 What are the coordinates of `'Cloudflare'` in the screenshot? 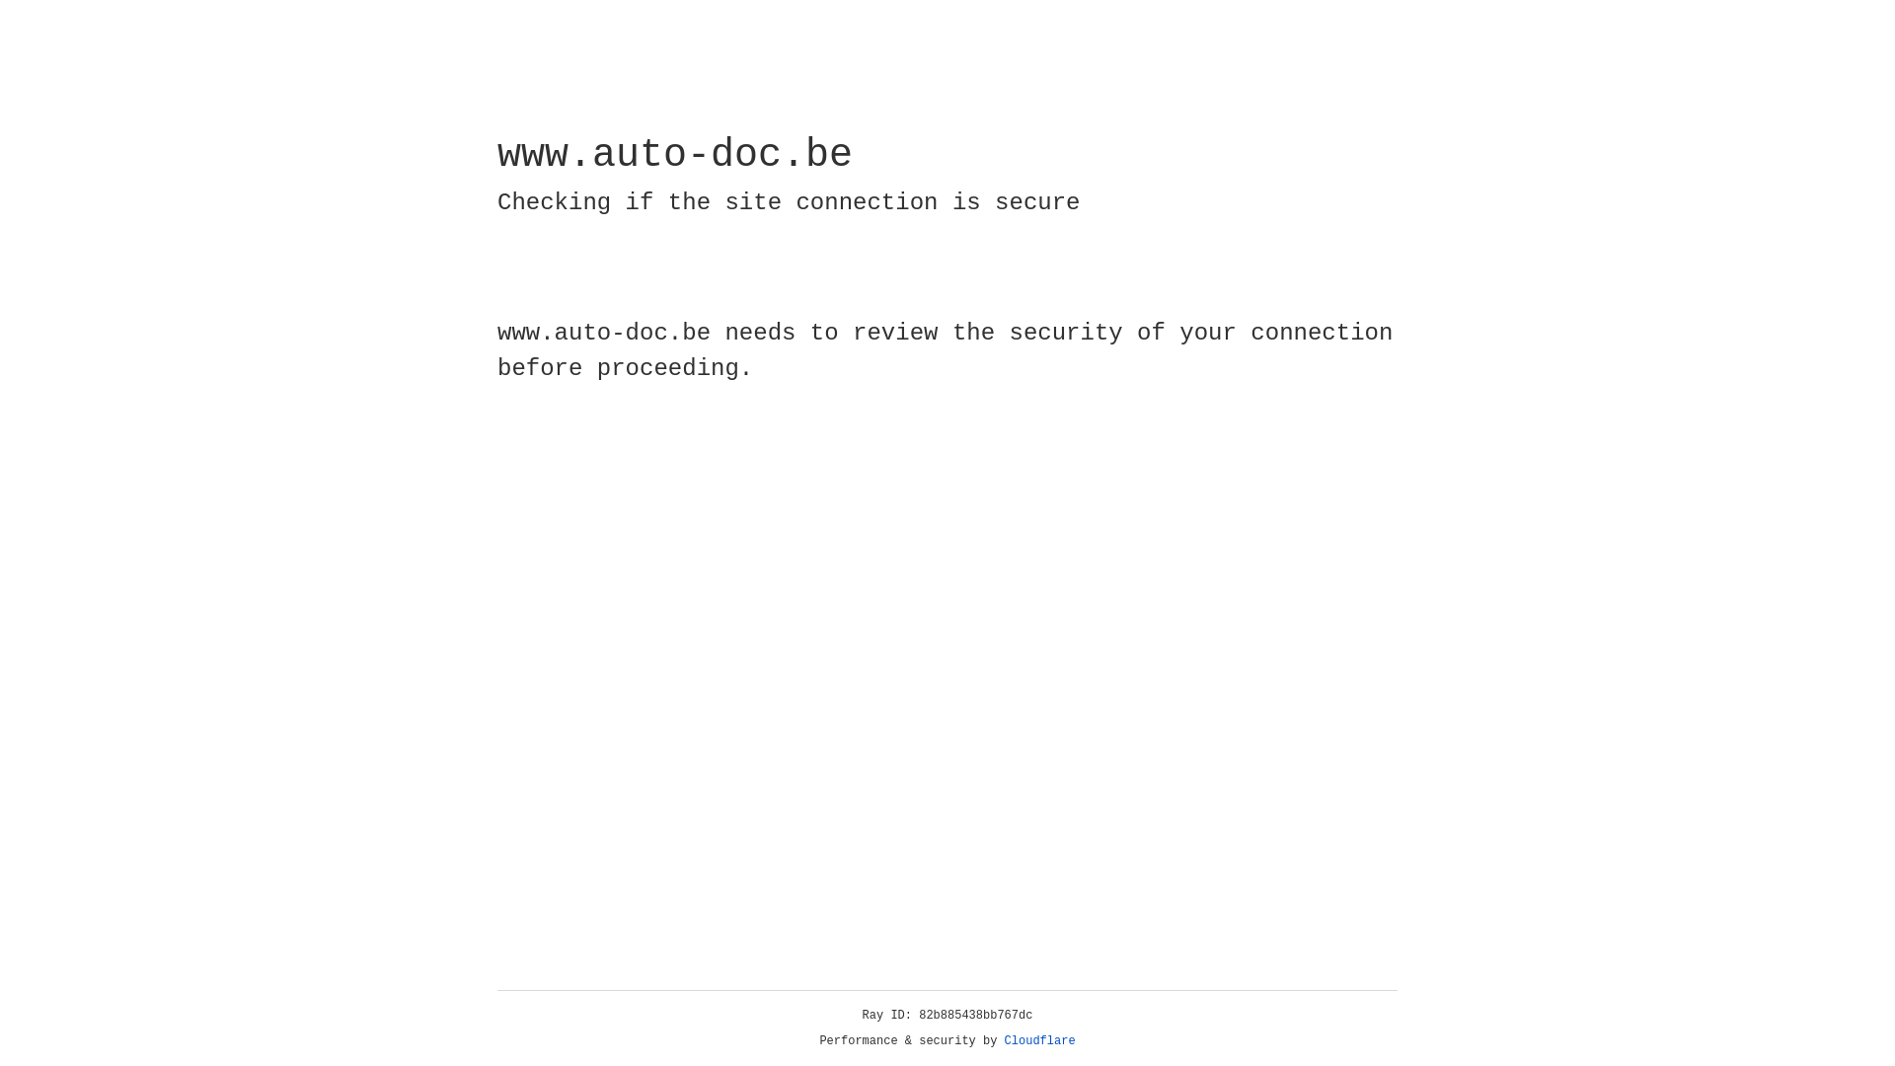 It's located at (1039, 1040).